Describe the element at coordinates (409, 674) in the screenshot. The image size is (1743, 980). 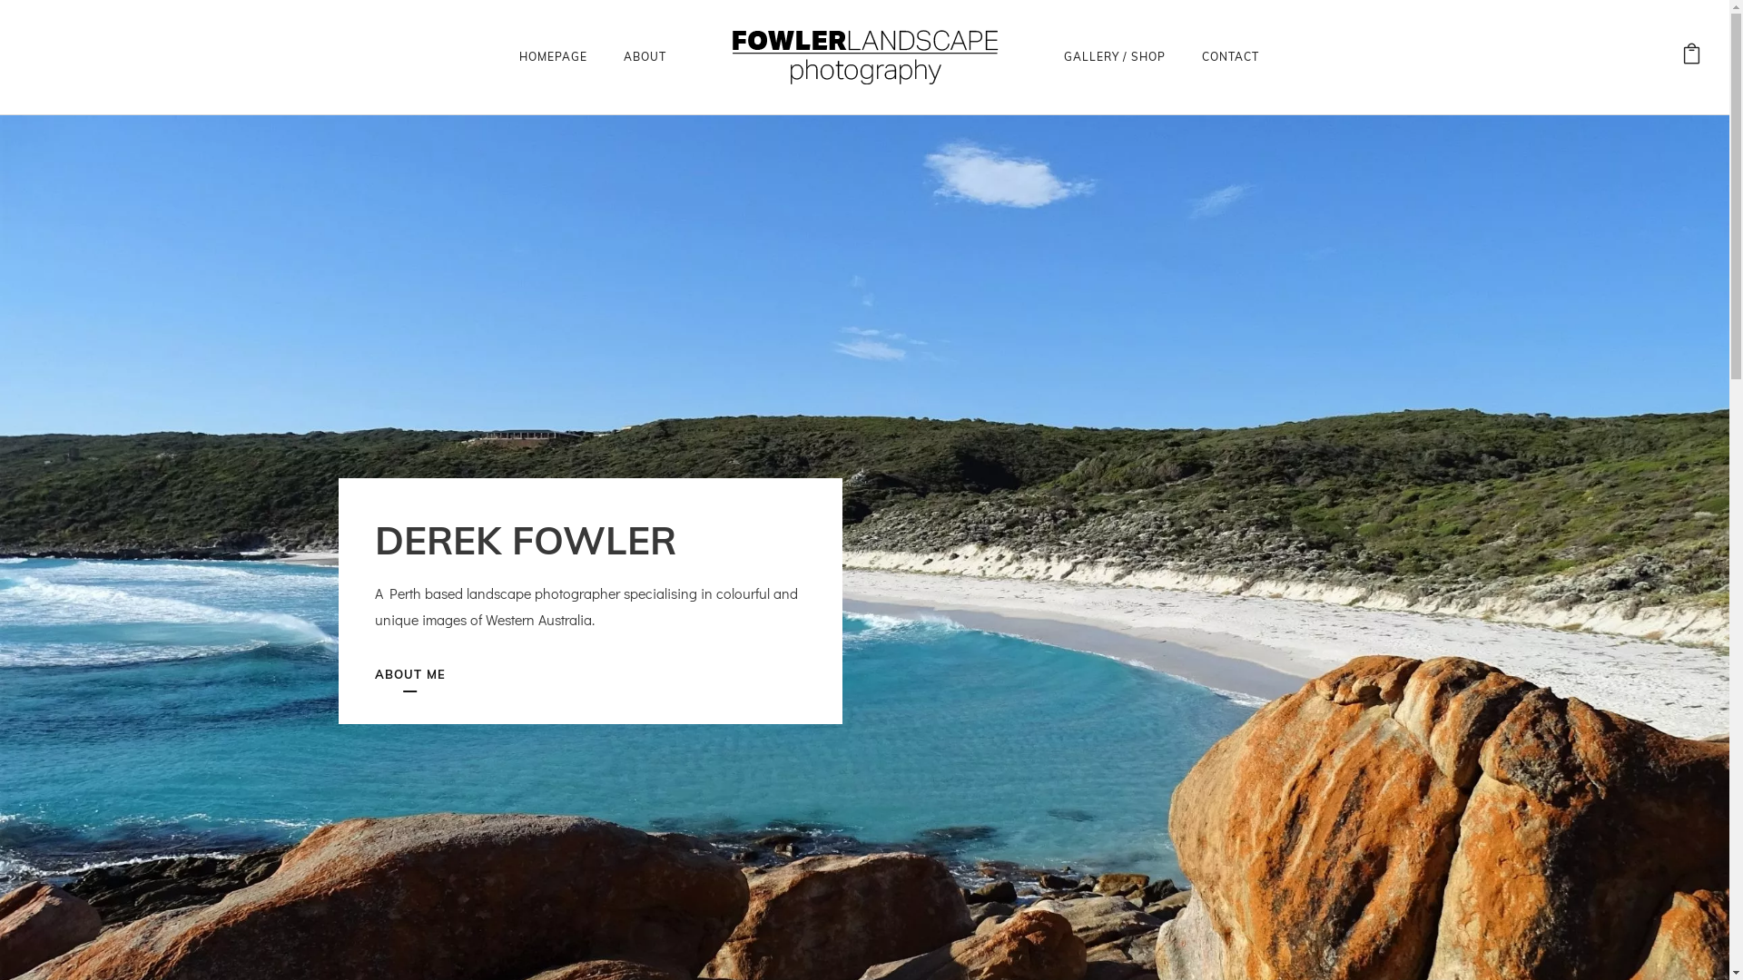
I see `'ABOUT ME'` at that location.